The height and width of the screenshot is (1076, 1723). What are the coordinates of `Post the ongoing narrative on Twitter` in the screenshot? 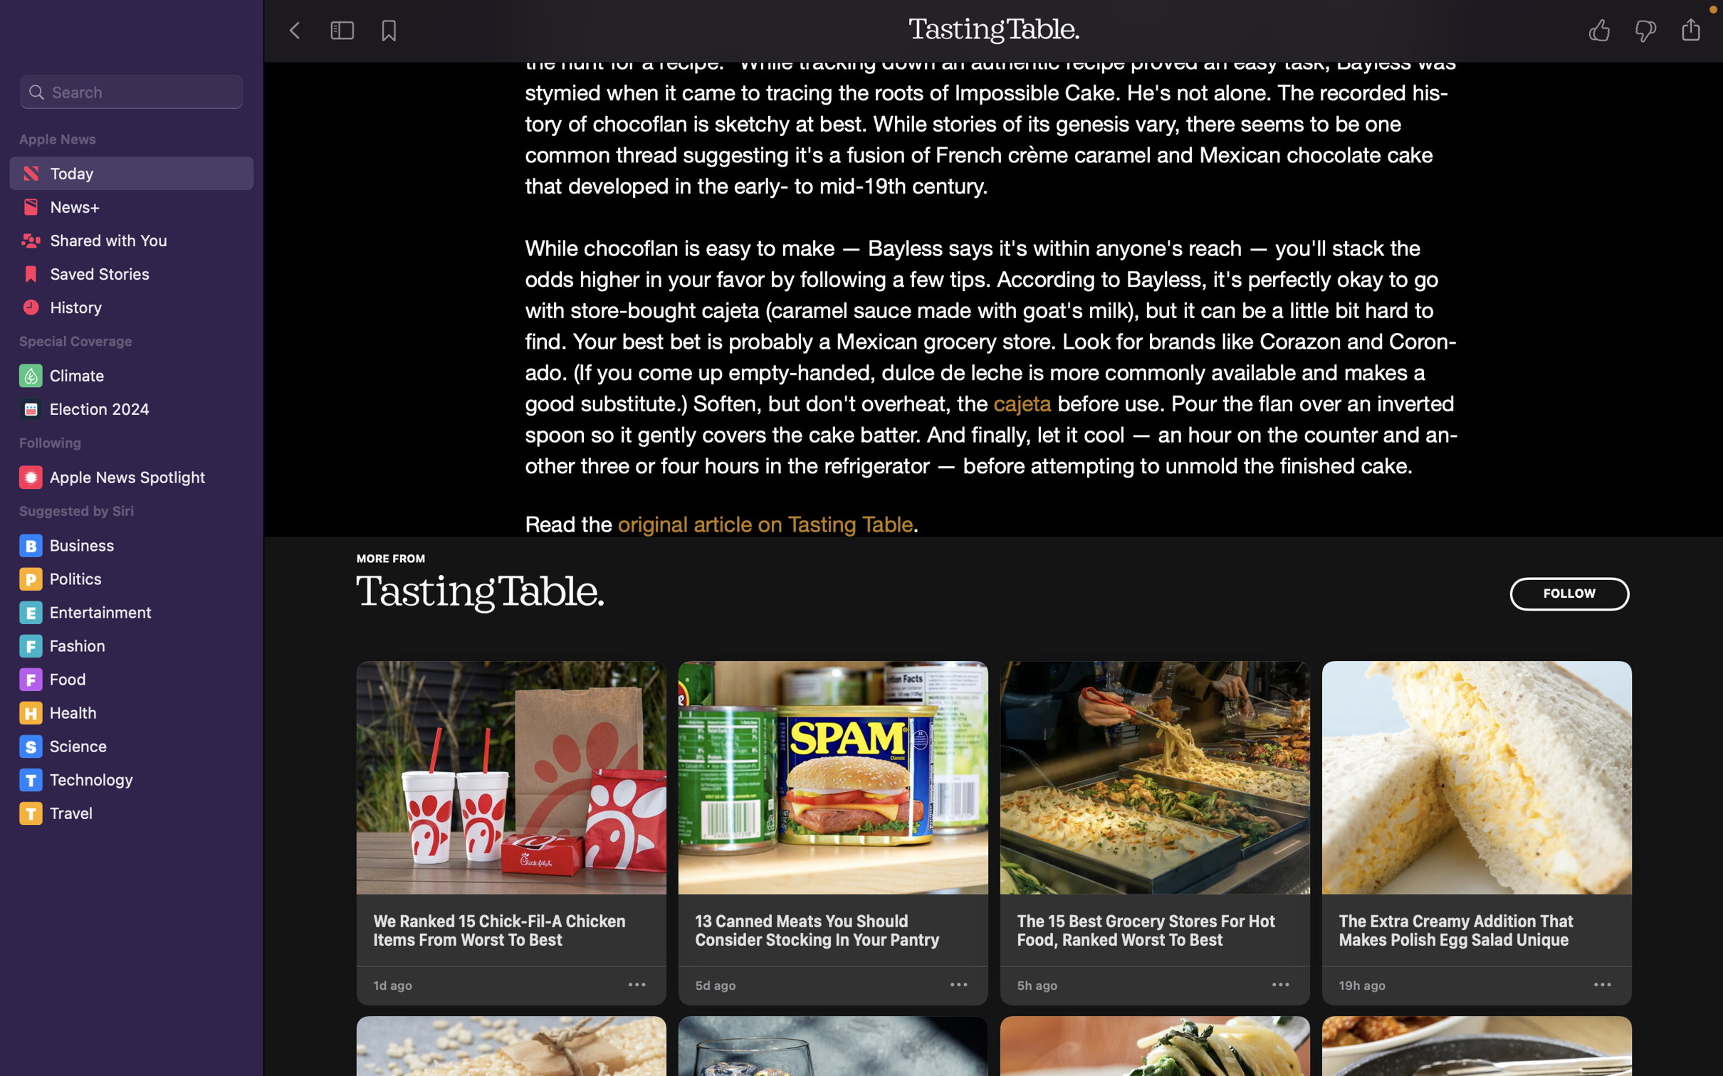 It's located at (1695, 29).